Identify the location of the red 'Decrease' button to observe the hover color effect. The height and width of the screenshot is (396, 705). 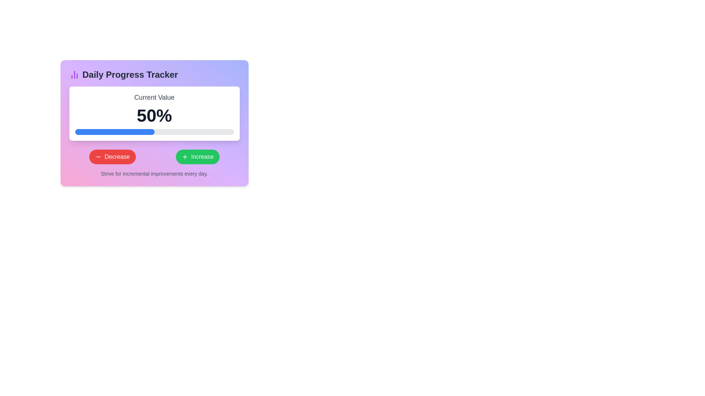
(112, 157).